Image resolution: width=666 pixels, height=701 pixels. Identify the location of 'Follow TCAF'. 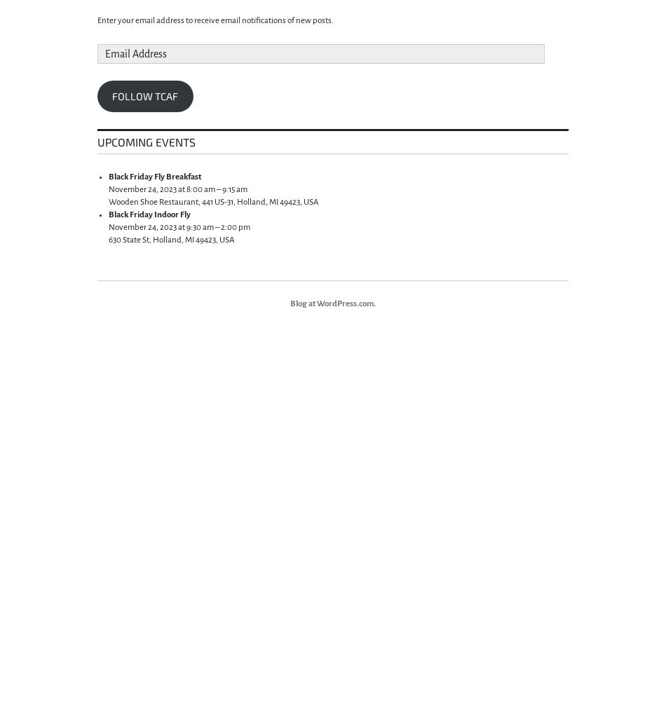
(145, 95).